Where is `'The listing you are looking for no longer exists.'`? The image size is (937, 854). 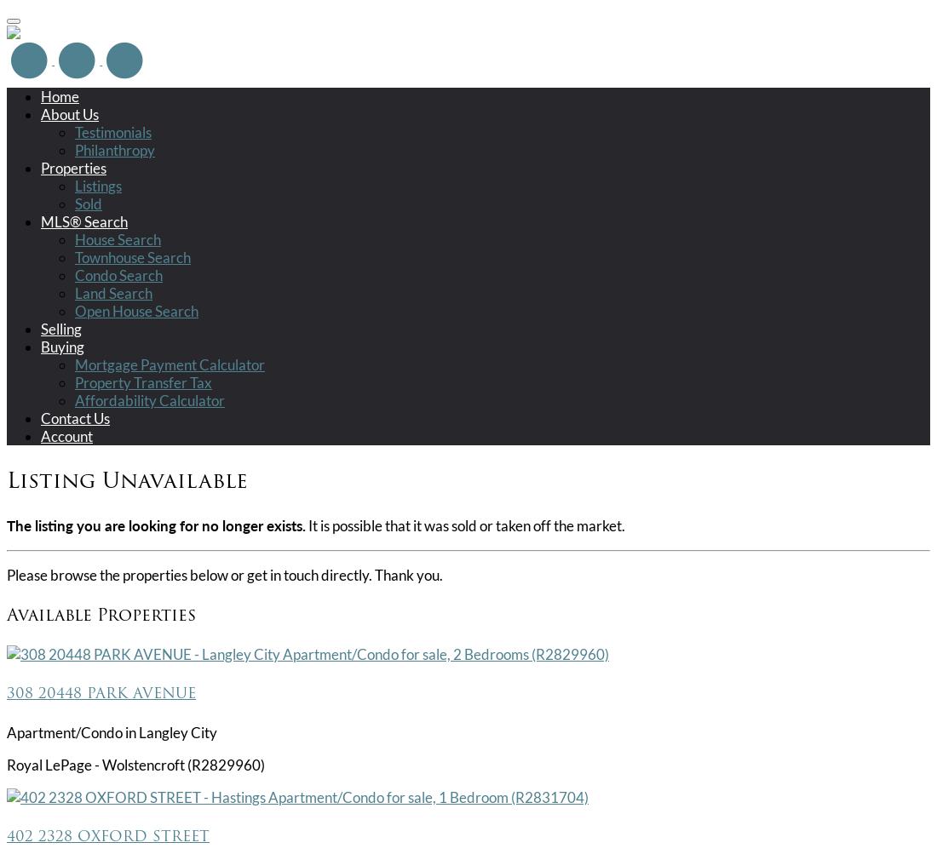
'The listing you are looking for no longer exists.' is located at coordinates (6, 524).